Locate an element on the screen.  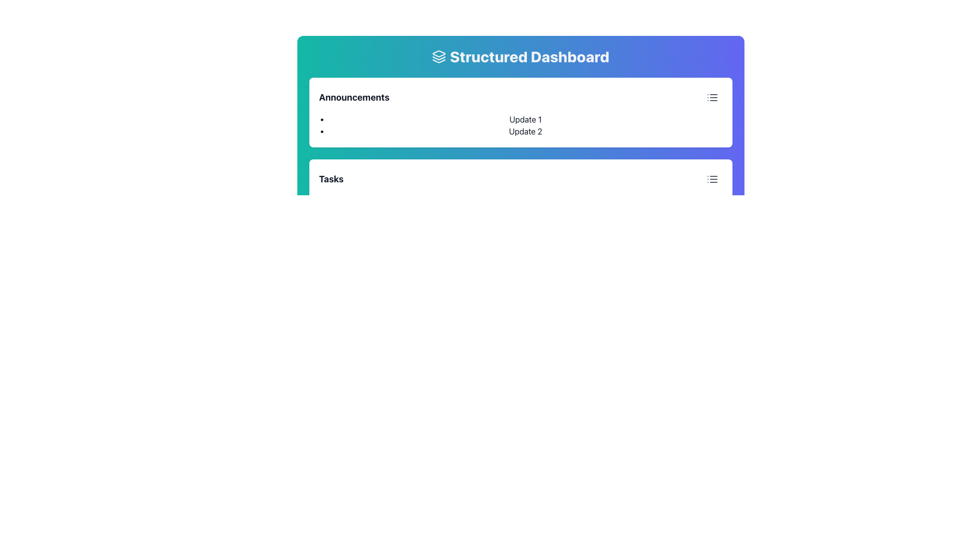
the icon located in the top-right corner of the 'Announcements' section is located at coordinates (712, 98).